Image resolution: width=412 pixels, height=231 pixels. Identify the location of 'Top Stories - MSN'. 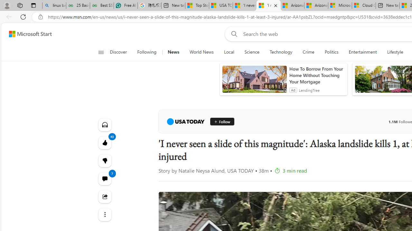
(197, 5).